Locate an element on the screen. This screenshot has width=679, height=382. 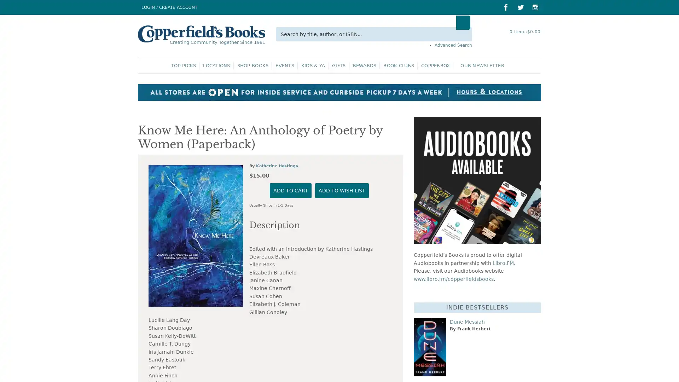
Add to Cart is located at coordinates (290, 354).